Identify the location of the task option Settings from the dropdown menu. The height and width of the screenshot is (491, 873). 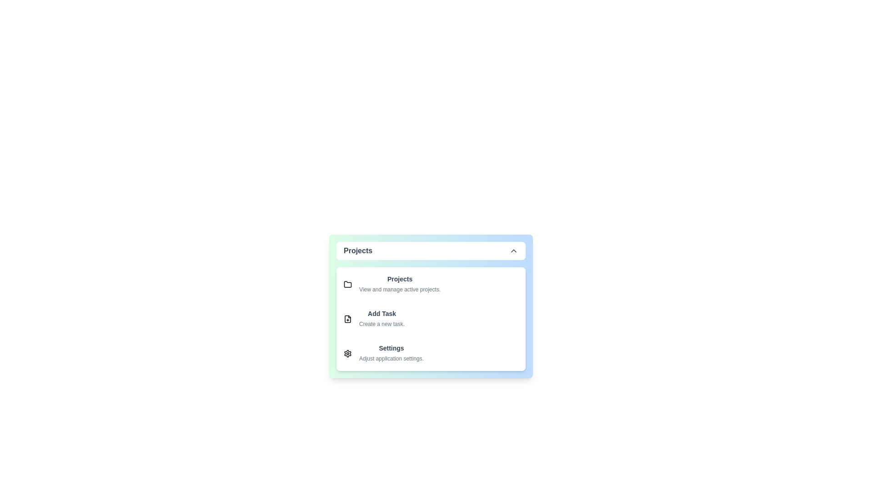
(431, 353).